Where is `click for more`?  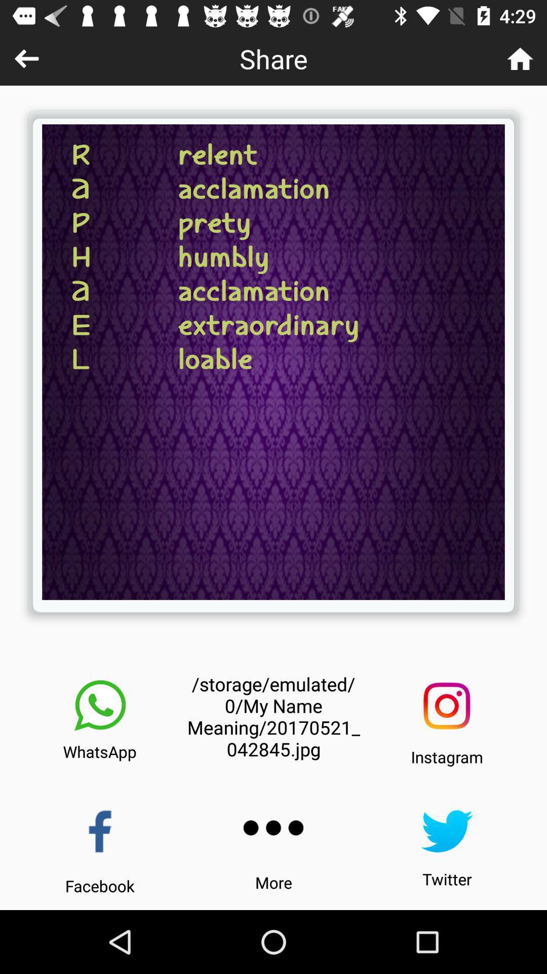 click for more is located at coordinates (273, 828).